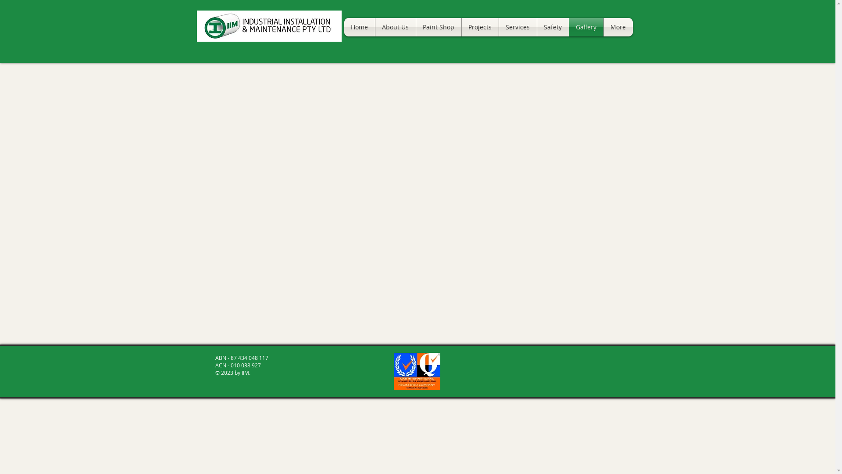  I want to click on 'Services', so click(499, 26).